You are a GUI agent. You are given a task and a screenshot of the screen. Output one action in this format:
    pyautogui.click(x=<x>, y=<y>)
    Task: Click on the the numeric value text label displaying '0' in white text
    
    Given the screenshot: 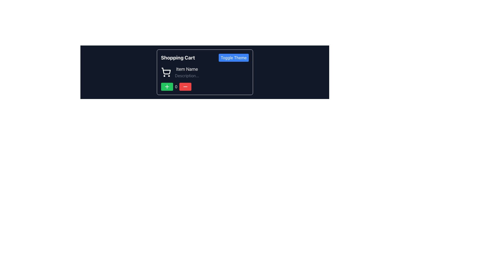 What is the action you would take?
    pyautogui.click(x=176, y=86)
    